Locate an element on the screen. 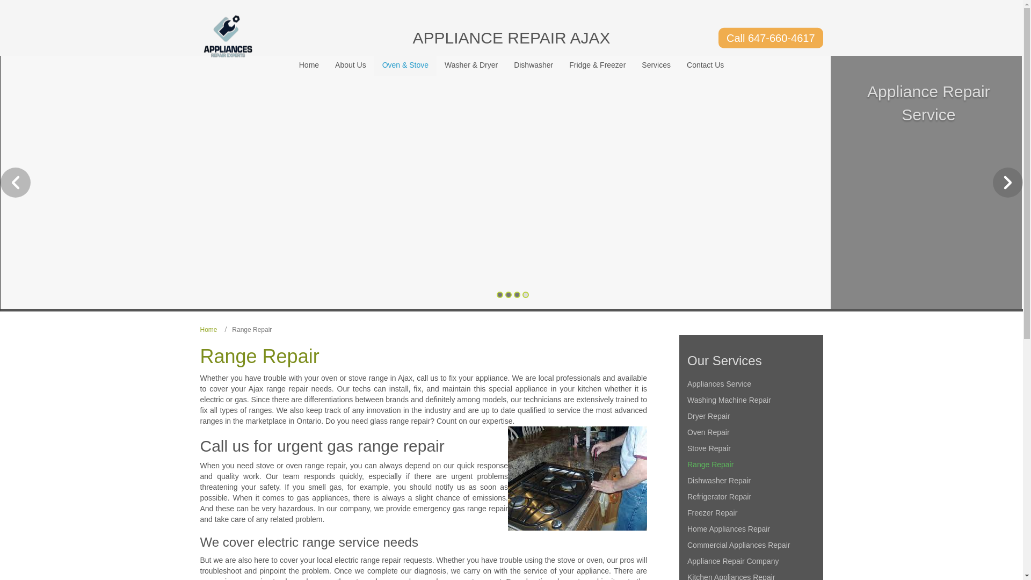  'Appliances Service' is located at coordinates (750, 383).